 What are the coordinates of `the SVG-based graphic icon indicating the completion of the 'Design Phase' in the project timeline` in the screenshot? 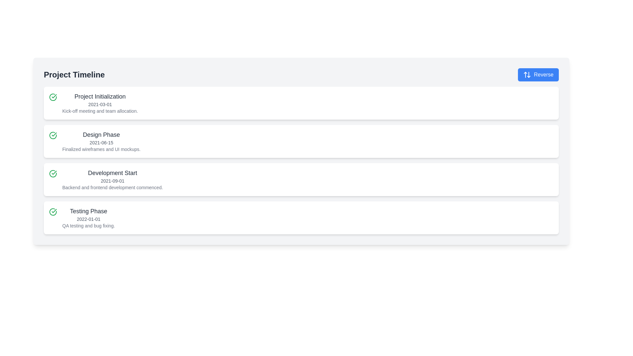 It's located at (53, 135).